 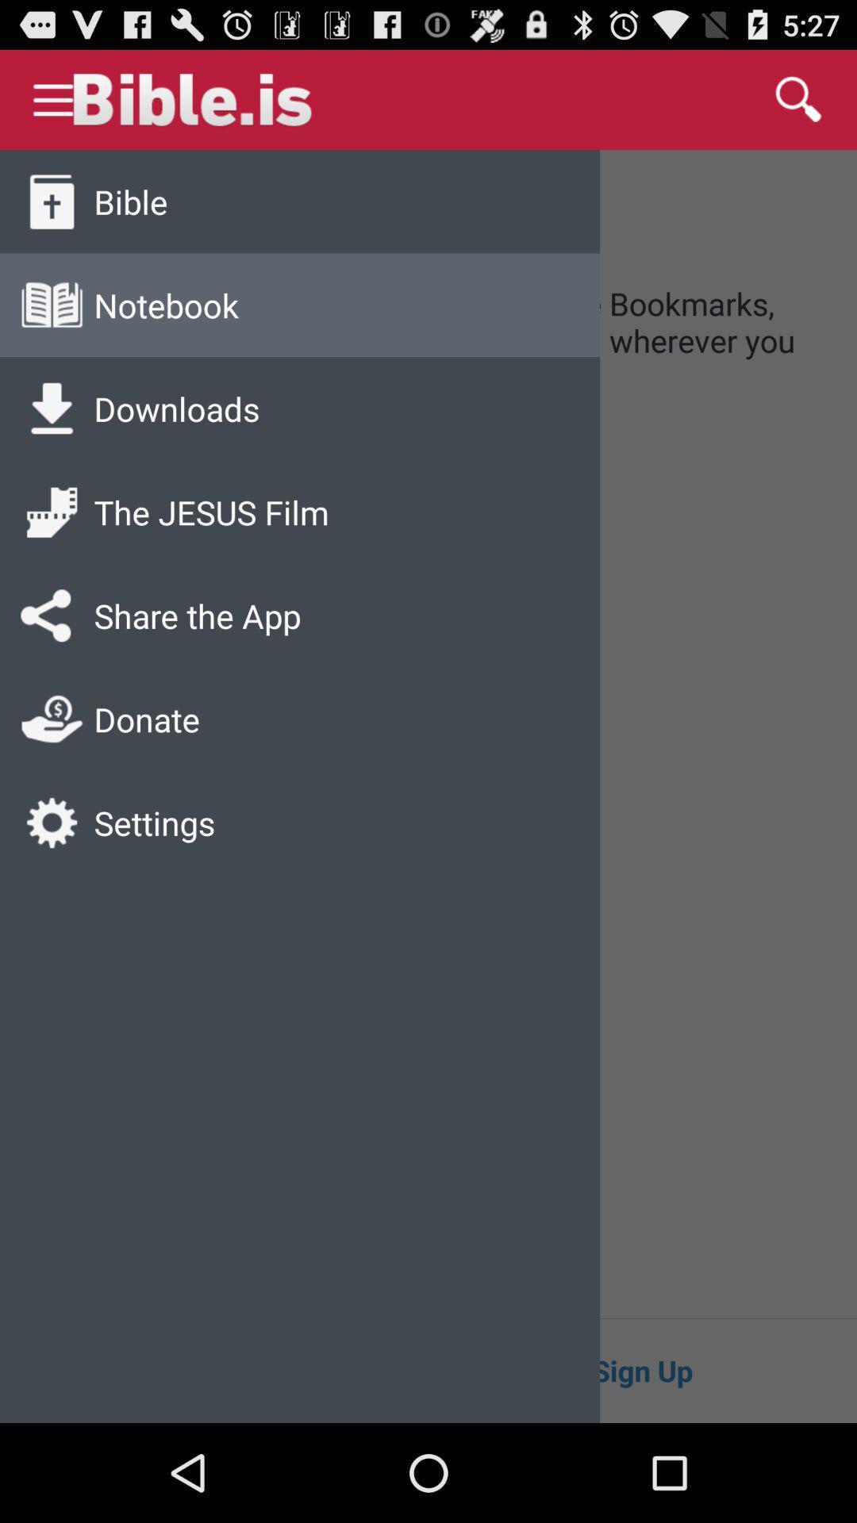 What do you see at coordinates (51, 305) in the screenshot?
I see `the icon which is beside notebook` at bounding box center [51, 305].